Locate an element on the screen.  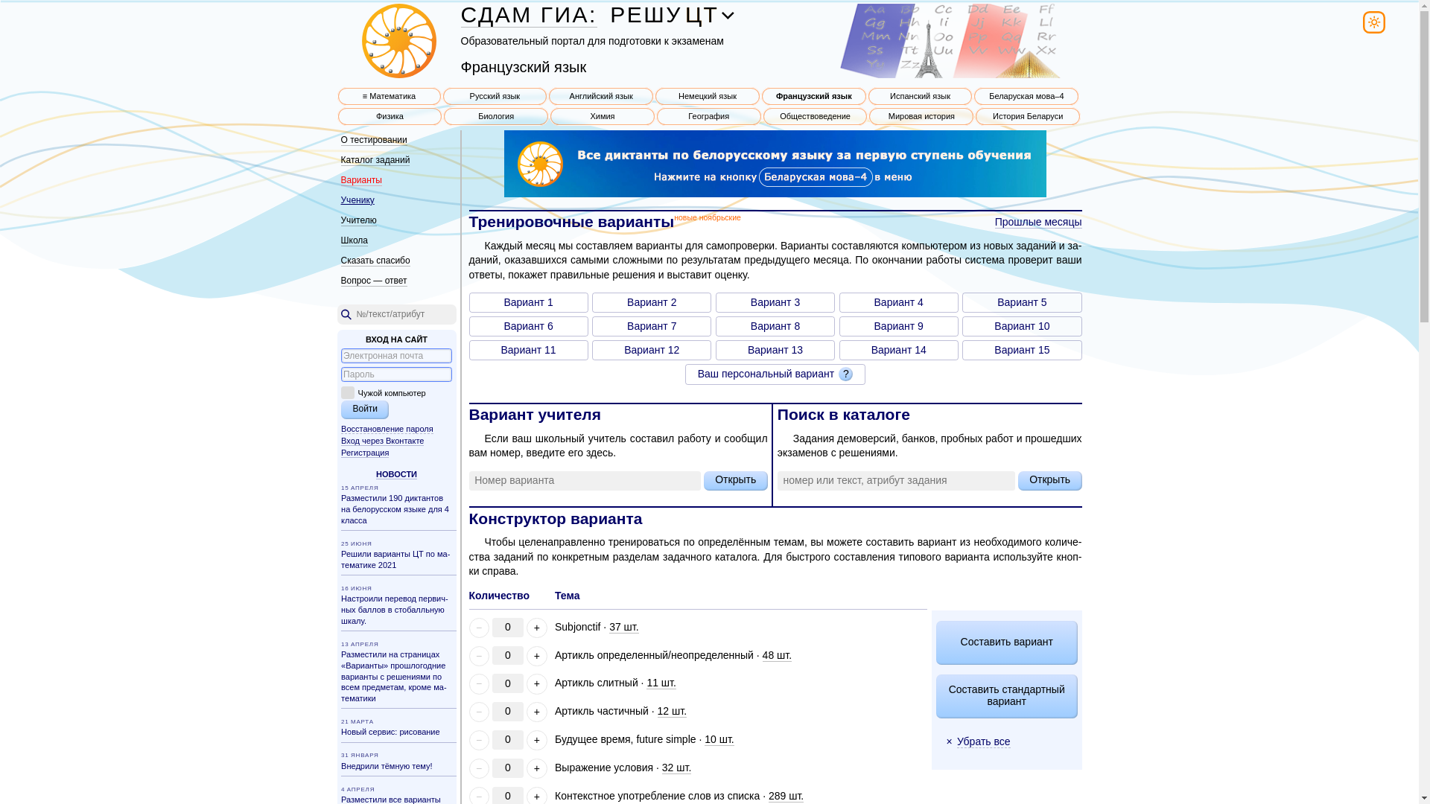
'+' is located at coordinates (526, 655).